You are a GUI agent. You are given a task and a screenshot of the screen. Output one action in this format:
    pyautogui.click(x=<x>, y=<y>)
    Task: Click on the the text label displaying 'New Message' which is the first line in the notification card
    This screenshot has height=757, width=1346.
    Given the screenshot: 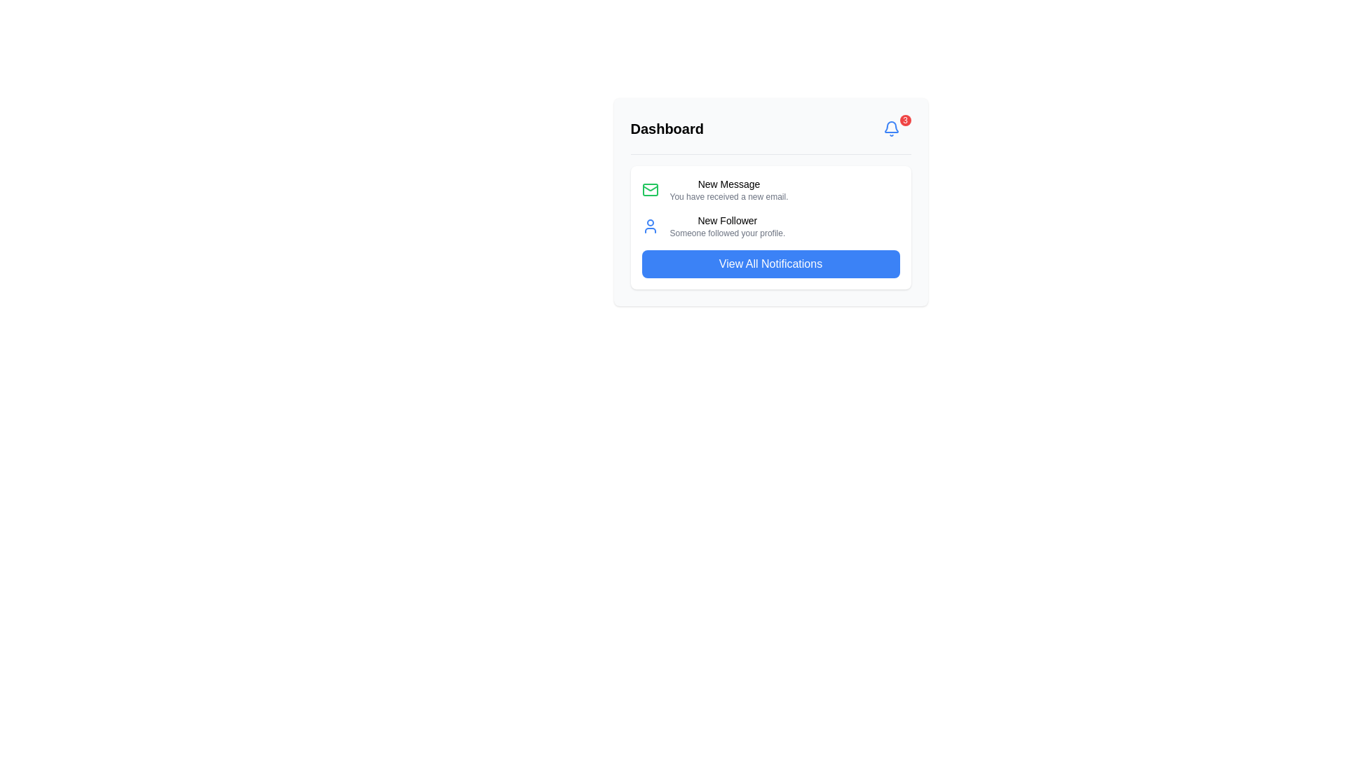 What is the action you would take?
    pyautogui.click(x=729, y=183)
    